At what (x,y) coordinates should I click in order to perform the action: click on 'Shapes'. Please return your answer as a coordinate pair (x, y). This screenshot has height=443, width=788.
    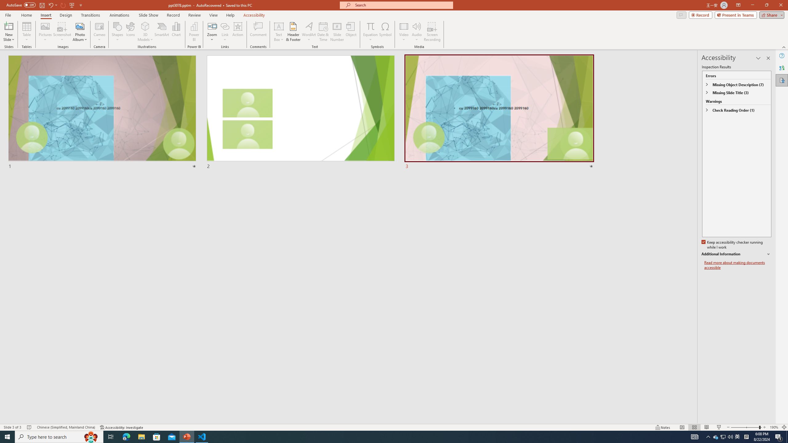
    Looking at the image, I should click on (117, 32).